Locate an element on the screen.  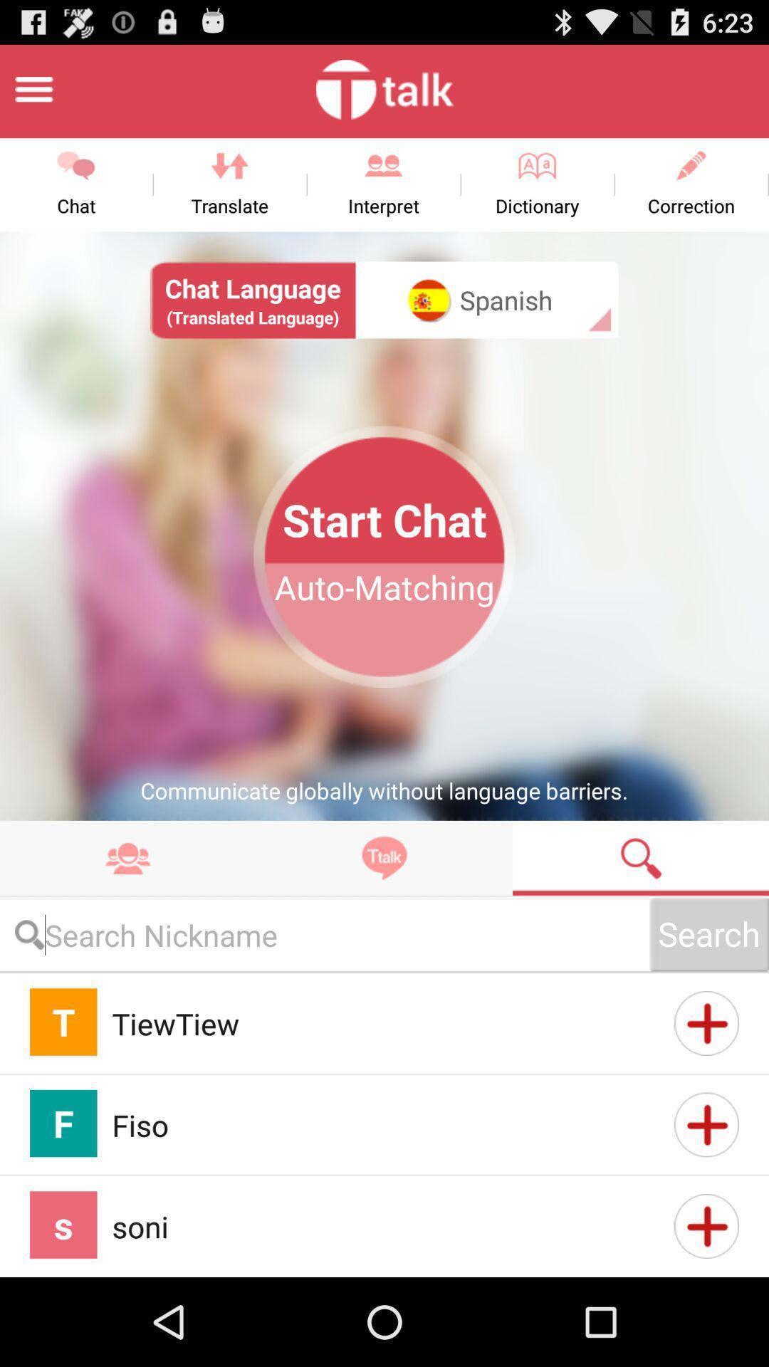
home page is located at coordinates (33, 88).